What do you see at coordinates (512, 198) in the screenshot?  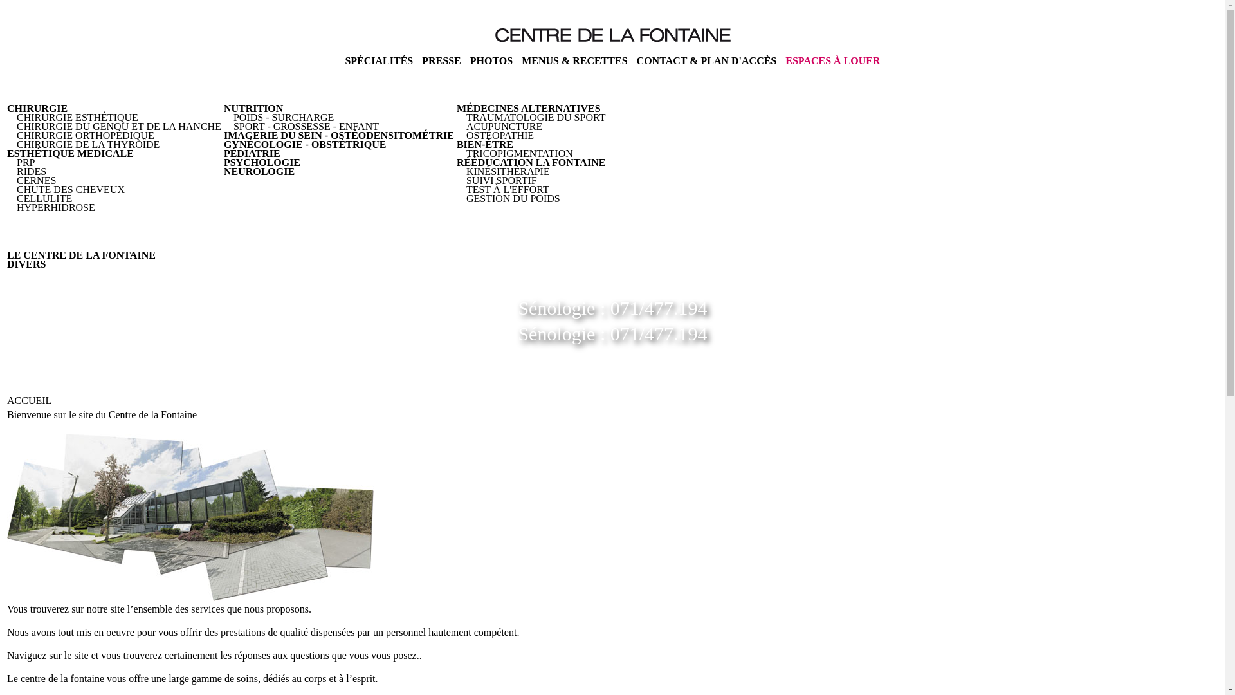 I see `'GESTION DU POIDS'` at bounding box center [512, 198].